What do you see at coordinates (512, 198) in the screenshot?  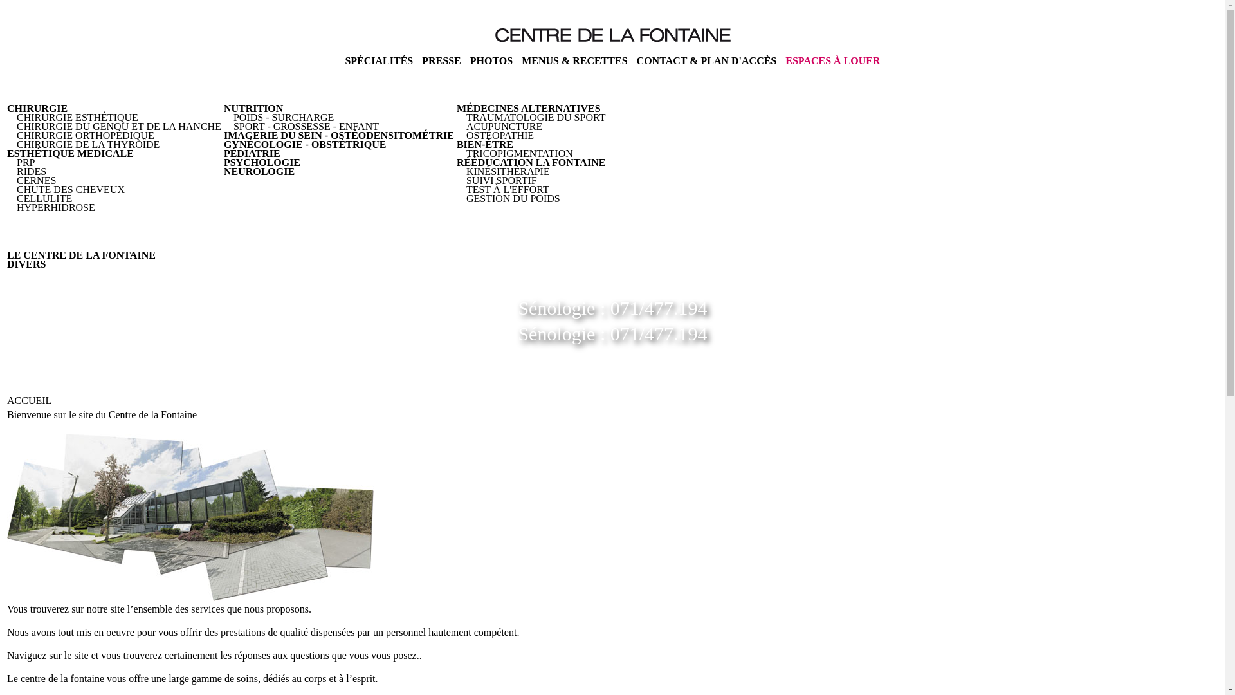 I see `'GESTION DU POIDS'` at bounding box center [512, 198].